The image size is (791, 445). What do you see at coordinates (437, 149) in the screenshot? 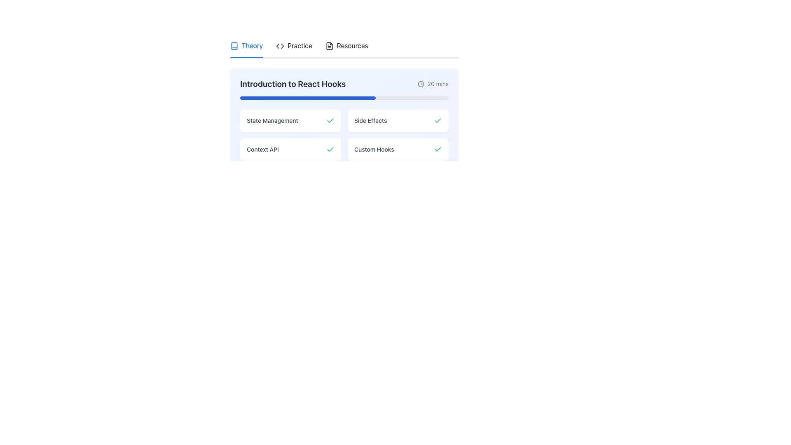
I see `the status represented by the checkmark icon indicating the completion of the 'Side Effects' entry in the second row of the two-column grid layout` at bounding box center [437, 149].